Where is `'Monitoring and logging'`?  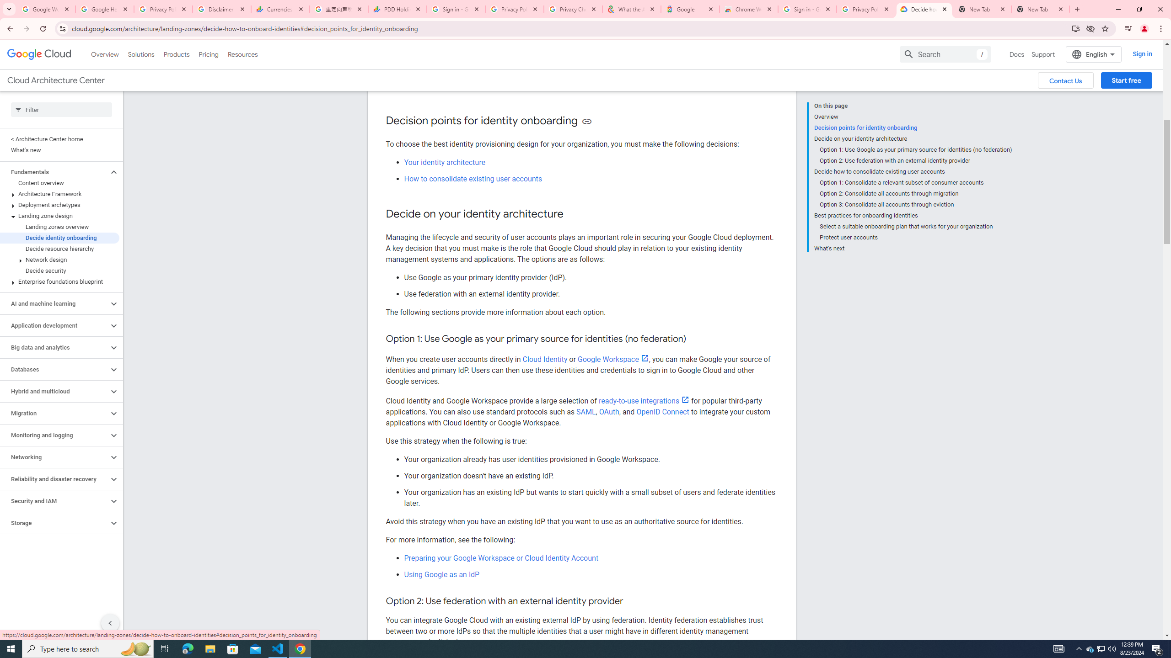 'Monitoring and logging' is located at coordinates (54, 435).